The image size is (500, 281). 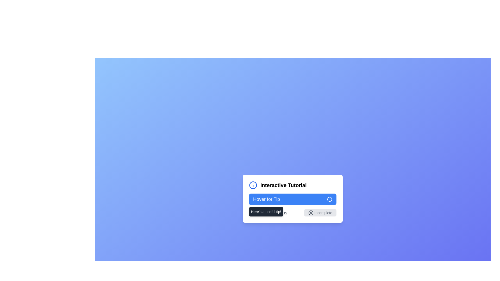 I want to click on the circular blue 'info' icon with a small 'i' in the center, located to the left of the 'Interactive Tutorial' text, so click(x=253, y=185).